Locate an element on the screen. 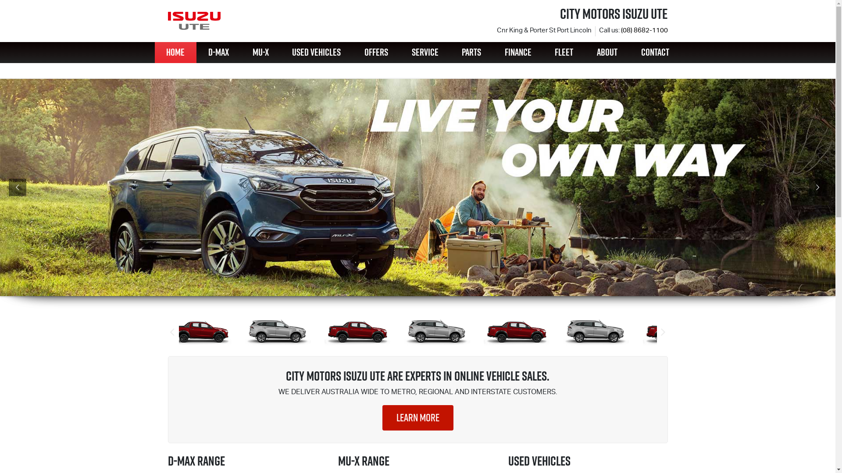 This screenshot has width=842, height=473. 'SERVICE' is located at coordinates (425, 52).